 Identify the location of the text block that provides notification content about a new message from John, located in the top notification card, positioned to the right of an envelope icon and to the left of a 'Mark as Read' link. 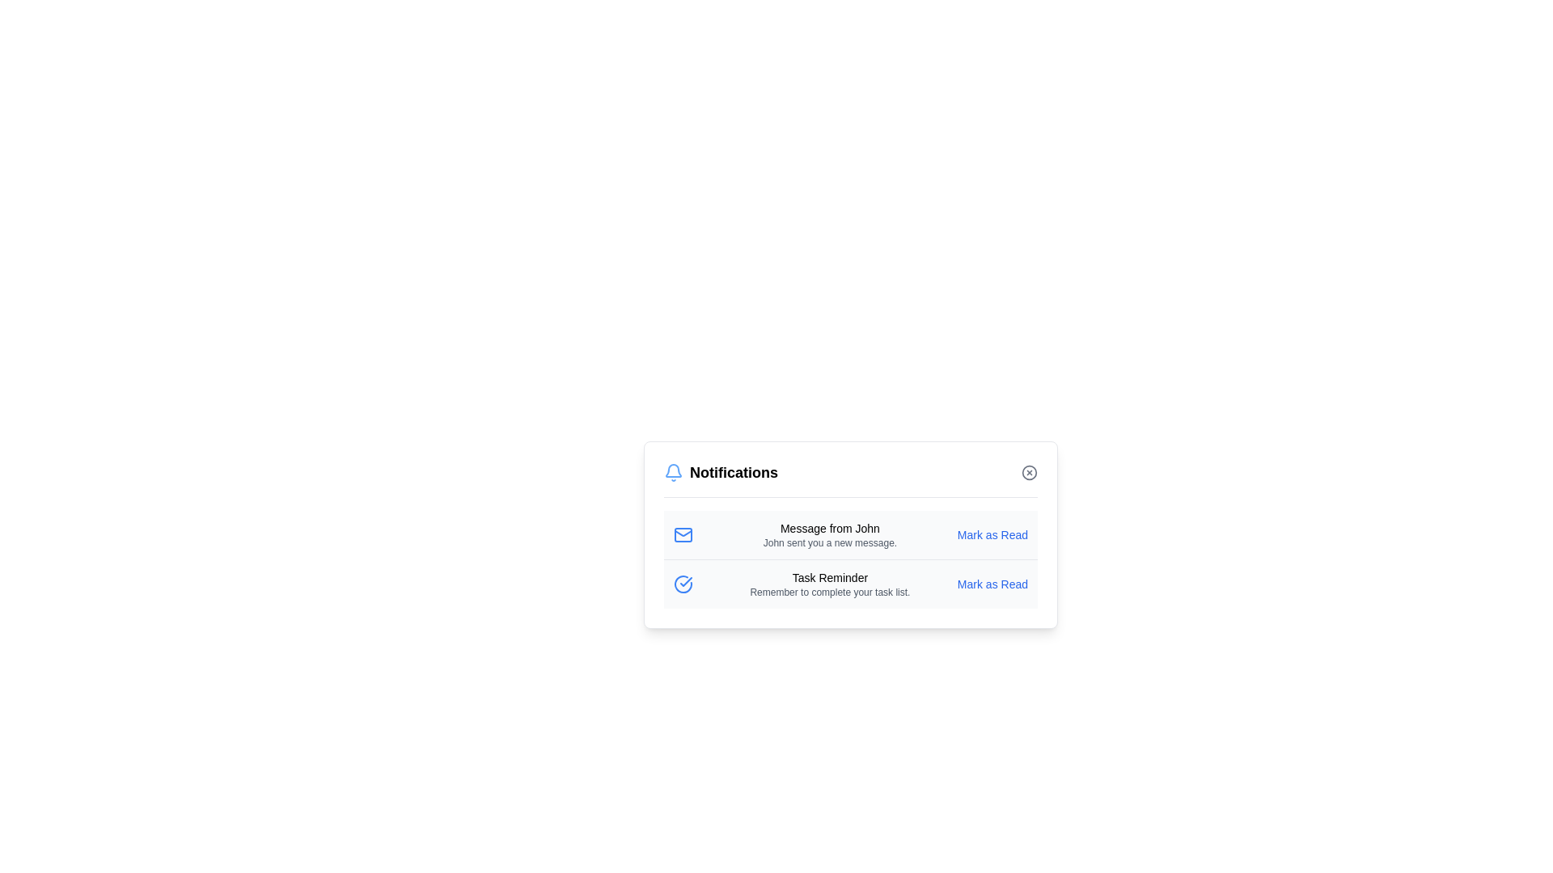
(830, 535).